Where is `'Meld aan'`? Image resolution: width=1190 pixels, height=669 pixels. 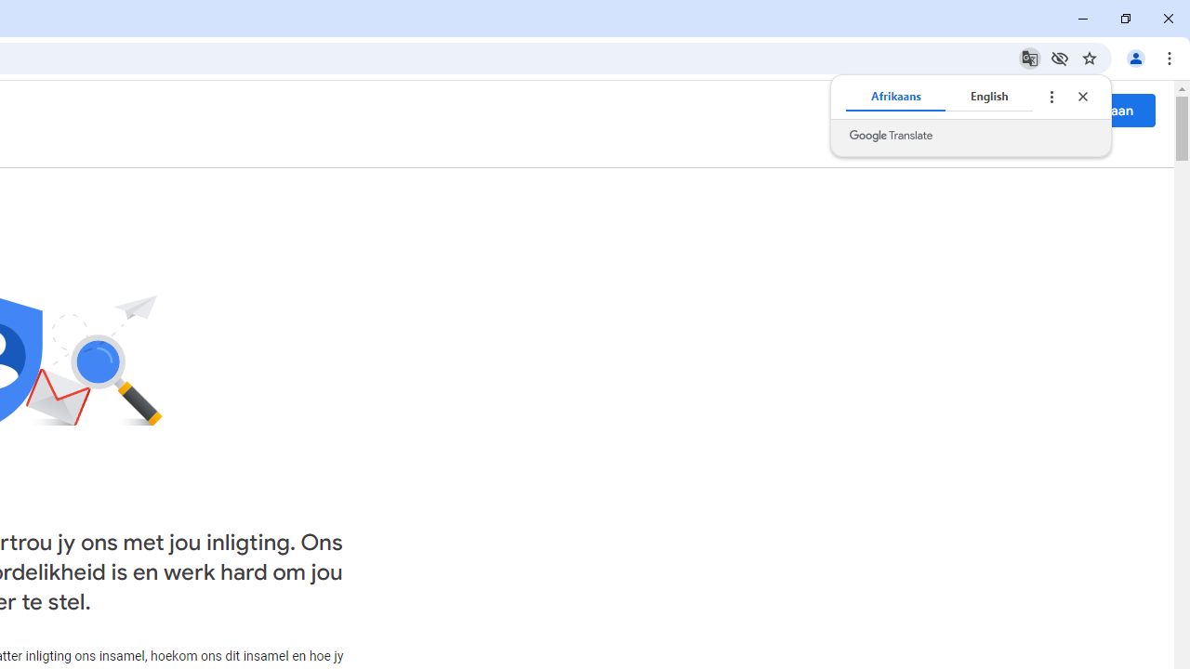 'Meld aan' is located at coordinates (1104, 110).